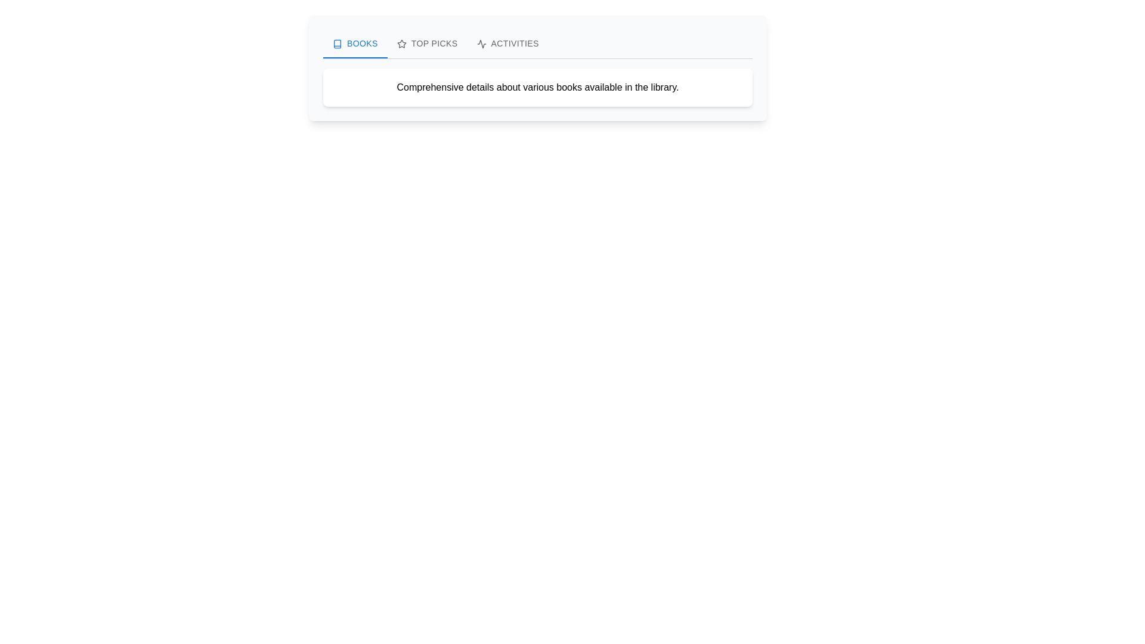 The height and width of the screenshot is (644, 1145). Describe the element at coordinates (515, 43) in the screenshot. I see `the text label displaying 'Activities' located in the menu bar at the top of the interface to possibly reveal a tooltip or visual feedback` at that location.